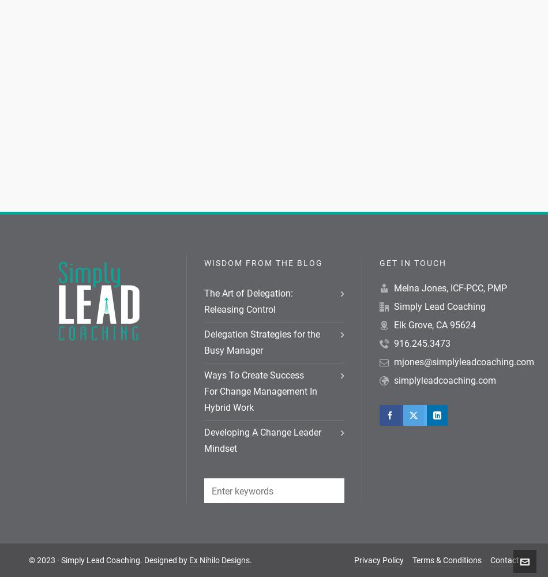  I want to click on '© 2023 · Simply Lead Coaching. Designed by', so click(108, 560).